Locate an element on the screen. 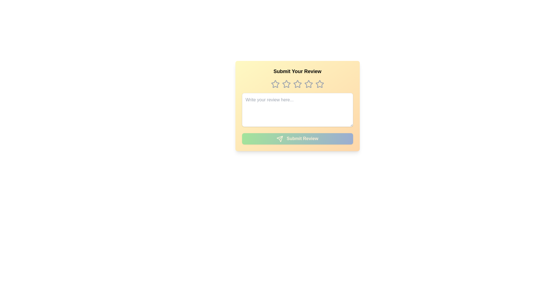  the fourth star icon in the interactive rating row is located at coordinates (308, 84).